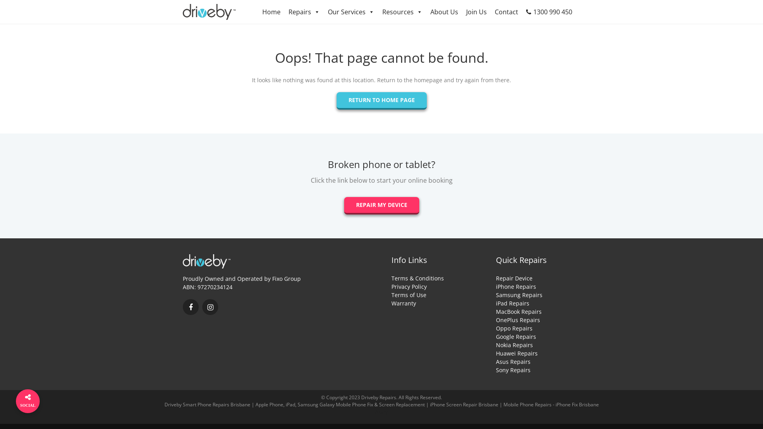  Describe the element at coordinates (404, 303) in the screenshot. I see `'Warranty'` at that location.